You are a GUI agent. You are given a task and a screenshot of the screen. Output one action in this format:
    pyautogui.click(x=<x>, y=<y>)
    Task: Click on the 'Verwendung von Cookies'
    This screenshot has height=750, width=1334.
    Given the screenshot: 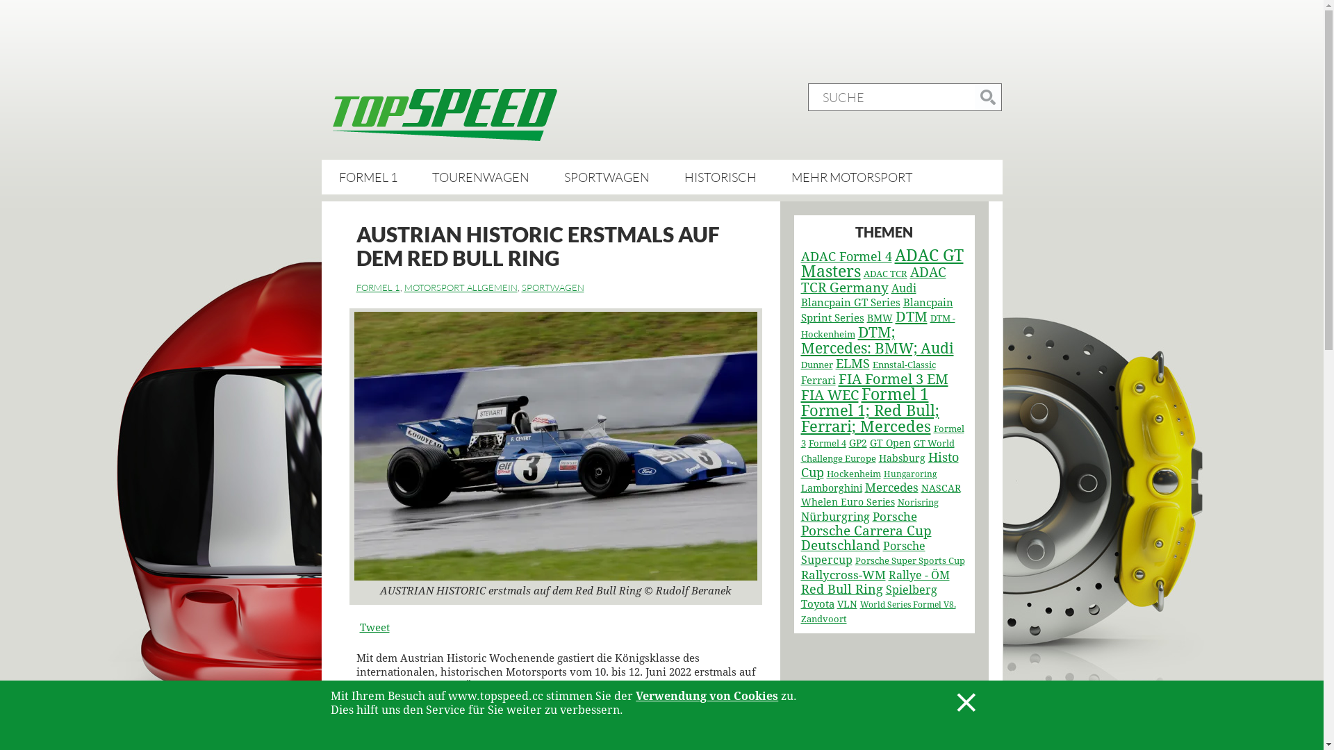 What is the action you would take?
    pyautogui.click(x=707, y=696)
    